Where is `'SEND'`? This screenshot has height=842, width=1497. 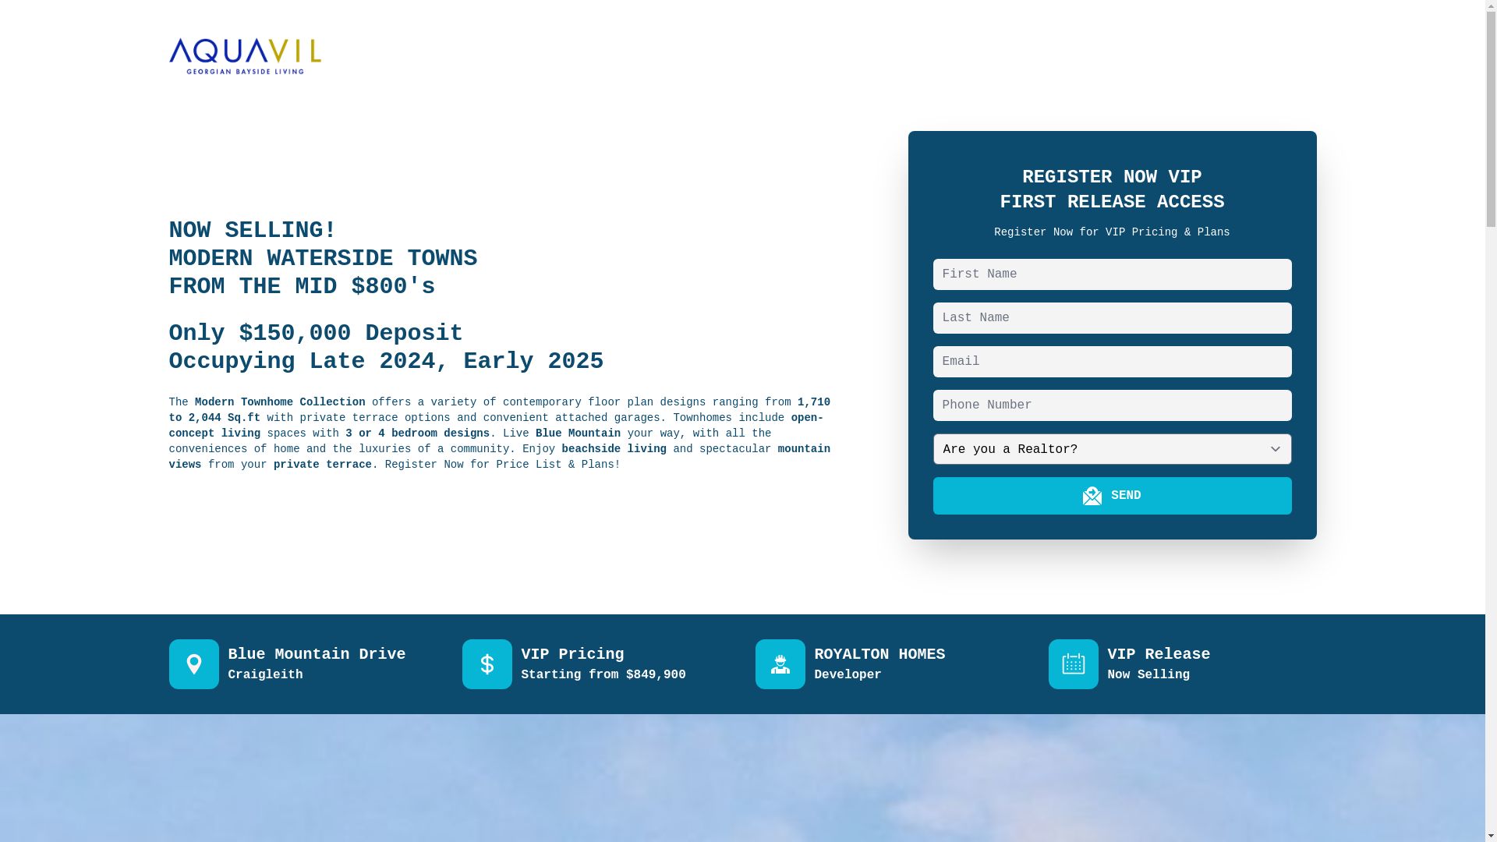 'SEND' is located at coordinates (1111, 496).